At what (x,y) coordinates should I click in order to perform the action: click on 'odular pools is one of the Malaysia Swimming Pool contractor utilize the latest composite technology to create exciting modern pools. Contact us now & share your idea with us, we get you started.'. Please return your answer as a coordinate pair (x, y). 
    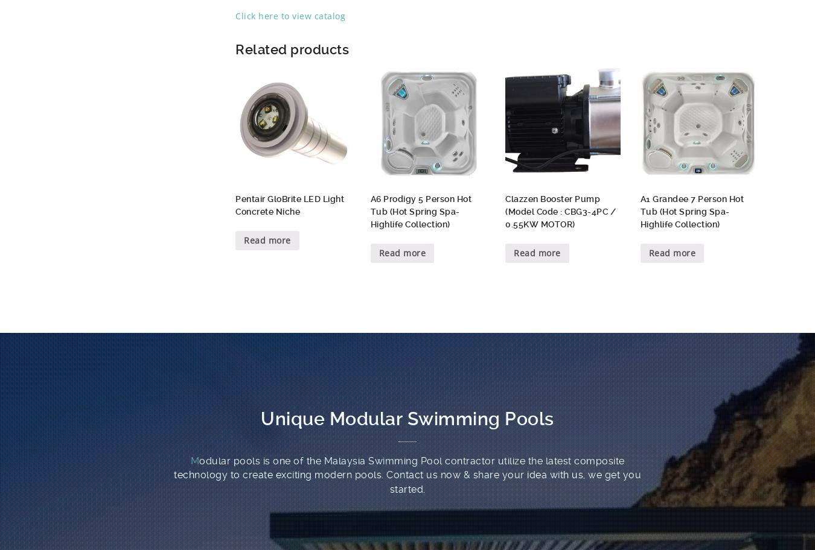
    Looking at the image, I should click on (407, 474).